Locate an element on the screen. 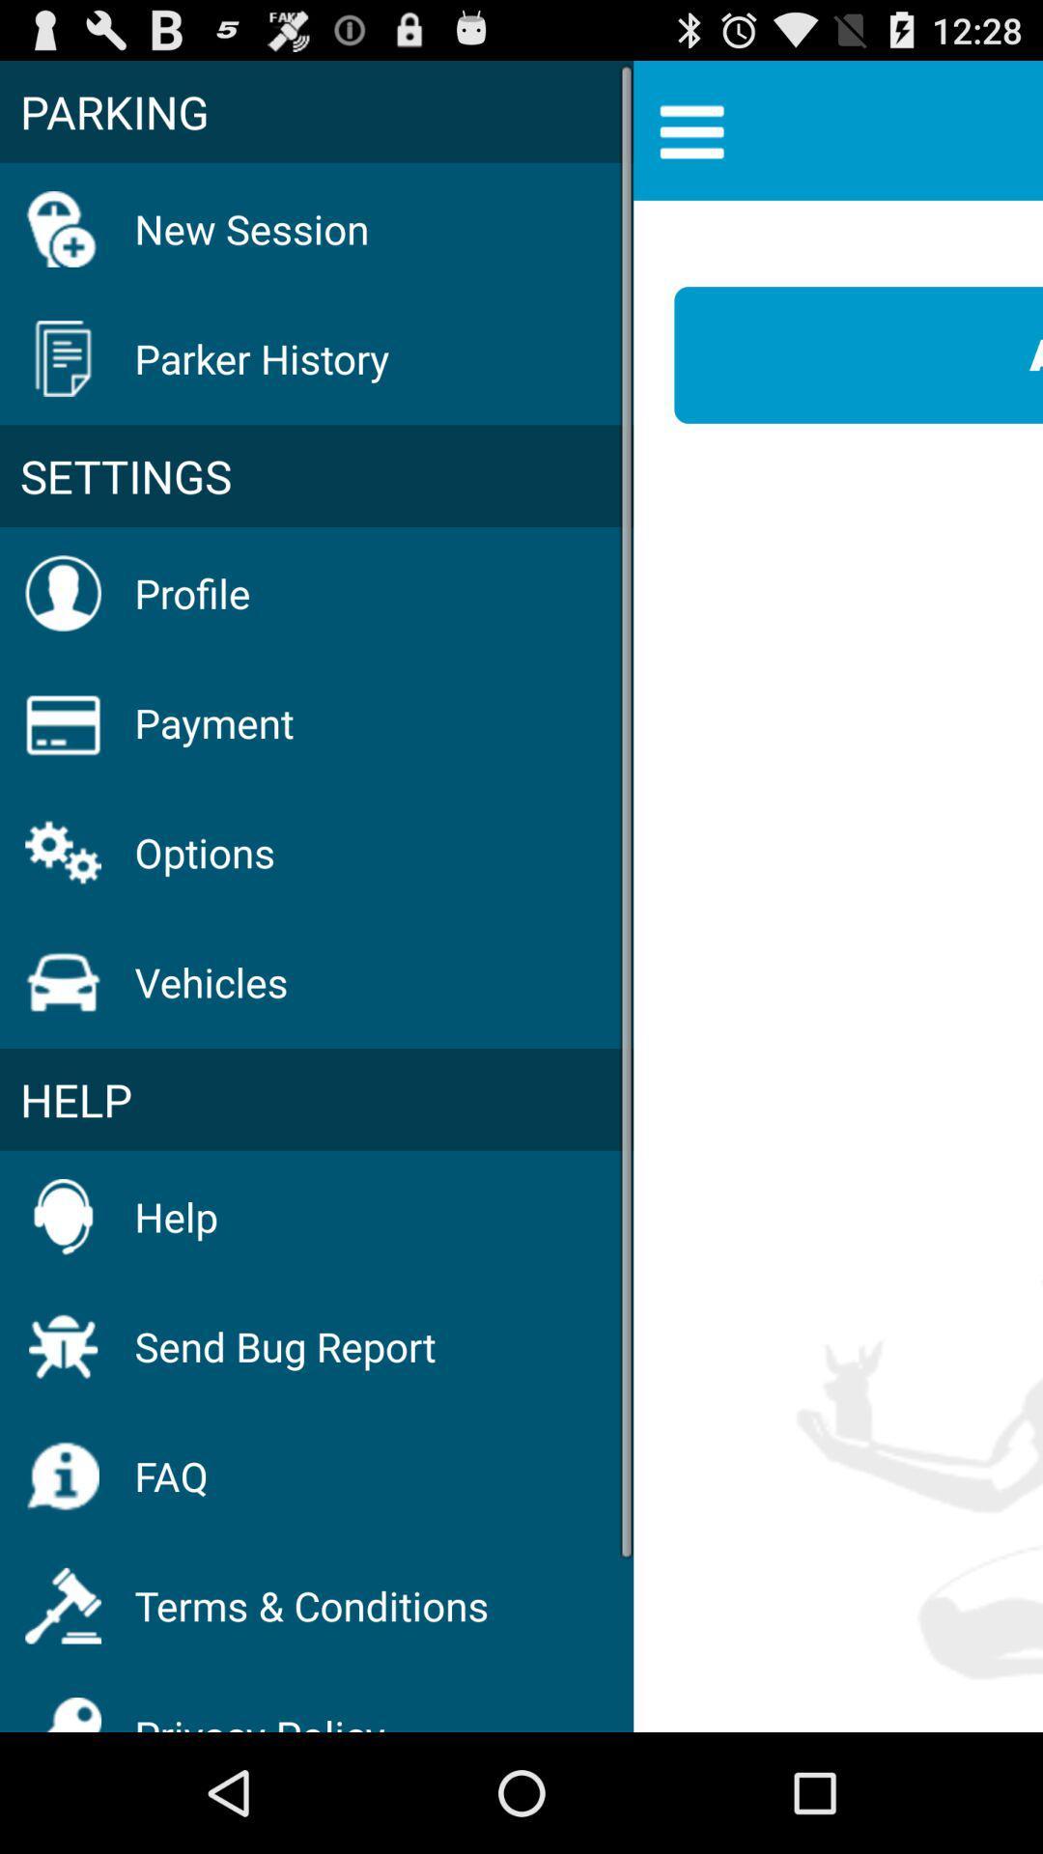 The image size is (1043, 1854). the menu icon is located at coordinates (691, 138).